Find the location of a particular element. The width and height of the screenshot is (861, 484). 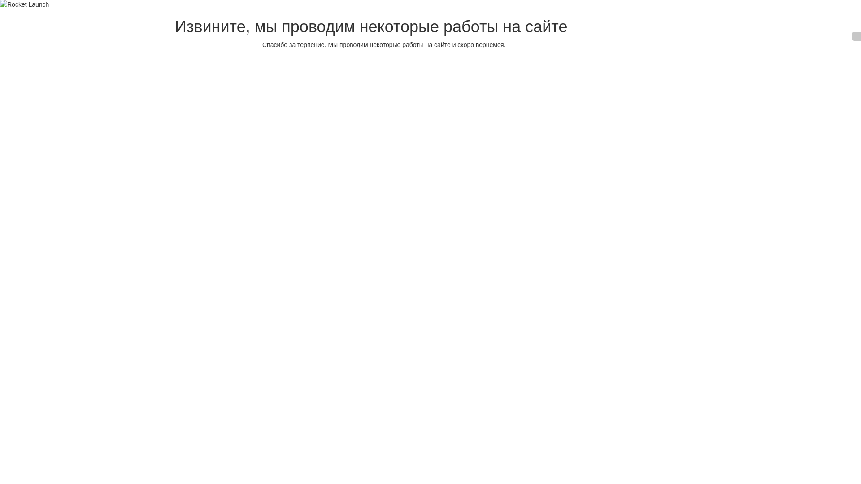

'Rocket Launch' is located at coordinates (0, 4).